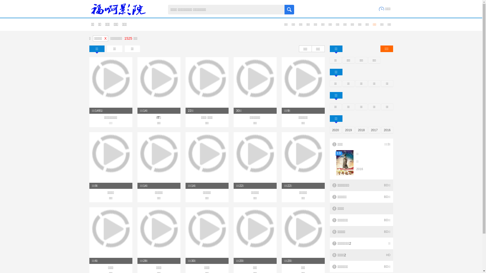 This screenshot has height=273, width=486. What do you see at coordinates (387, 130) in the screenshot?
I see `'2016'` at bounding box center [387, 130].